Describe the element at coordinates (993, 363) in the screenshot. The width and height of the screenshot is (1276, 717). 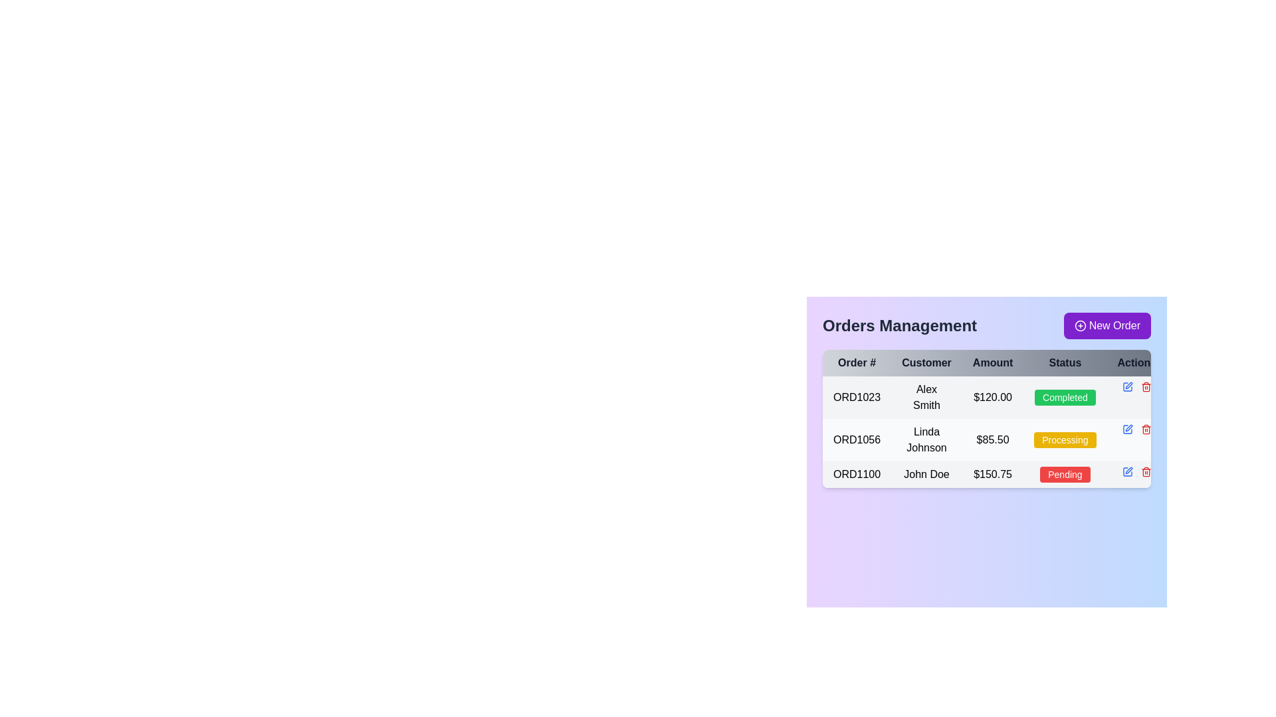
I see `the 'Amount' text label, which is a bold, black font located in the third column header of a table, situated between 'Customer' and 'Status'` at that location.